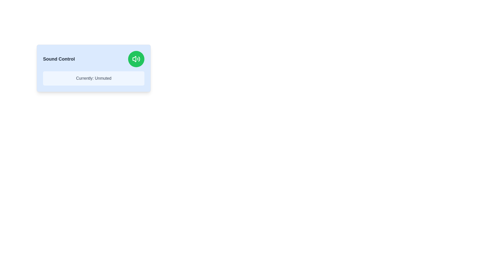 The image size is (489, 275). Describe the element at coordinates (136, 59) in the screenshot. I see `the circular green button with a white speaker icon located to the right of the 'Sound Control' text` at that location.